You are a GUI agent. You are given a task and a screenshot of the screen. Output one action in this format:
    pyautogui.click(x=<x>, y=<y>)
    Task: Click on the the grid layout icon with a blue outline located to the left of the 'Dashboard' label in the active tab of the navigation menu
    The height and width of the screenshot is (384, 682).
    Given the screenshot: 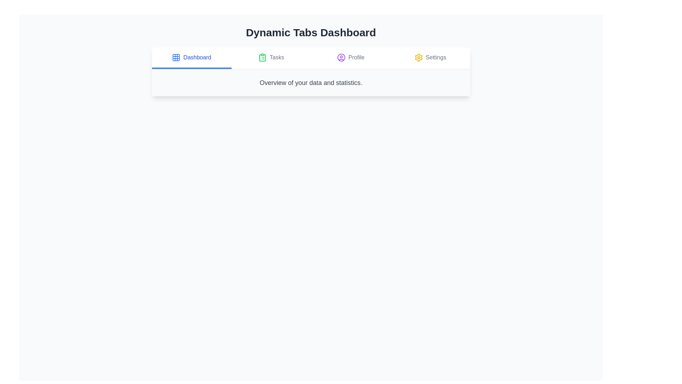 What is the action you would take?
    pyautogui.click(x=176, y=57)
    